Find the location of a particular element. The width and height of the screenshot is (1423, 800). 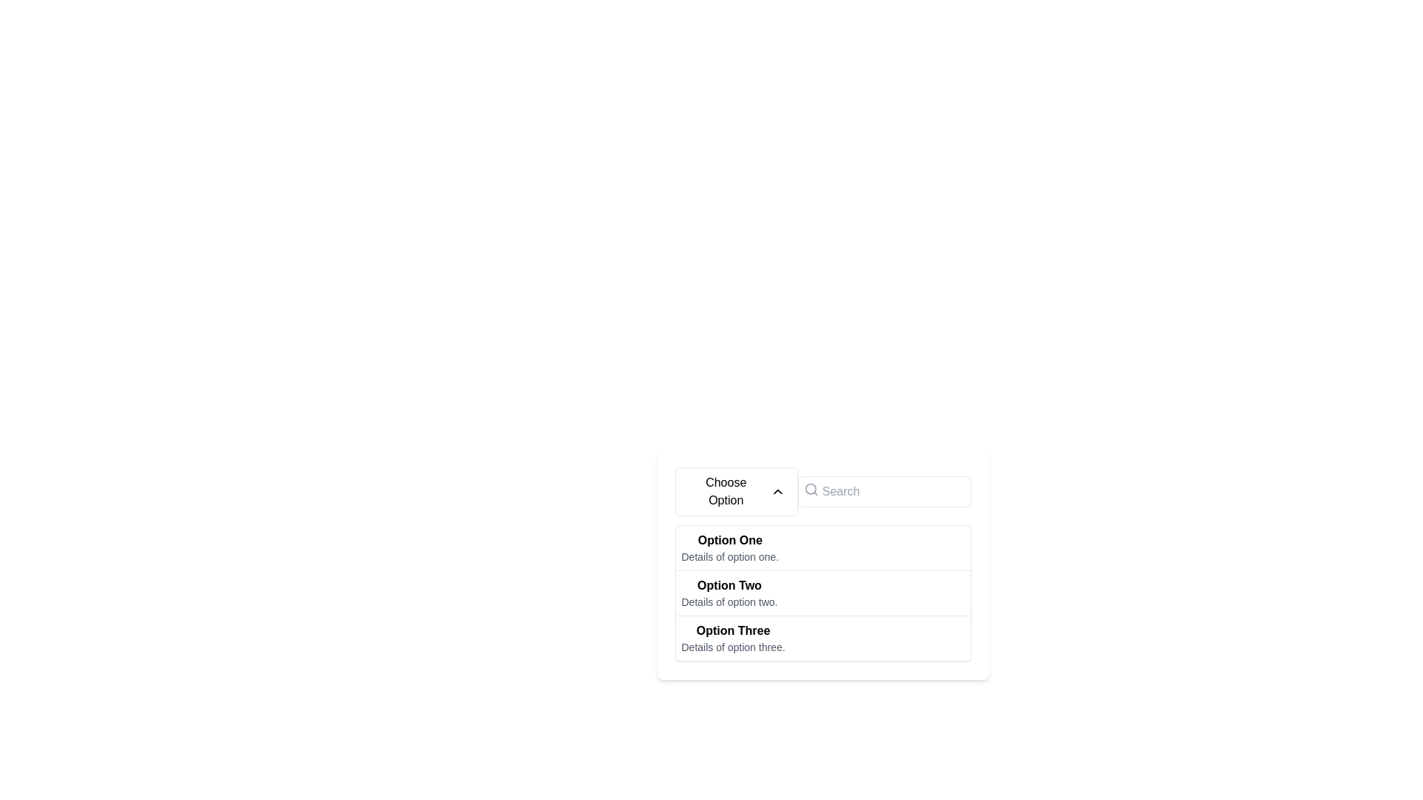

the dropdown-triggering button containing the label text is located at coordinates (726, 491).